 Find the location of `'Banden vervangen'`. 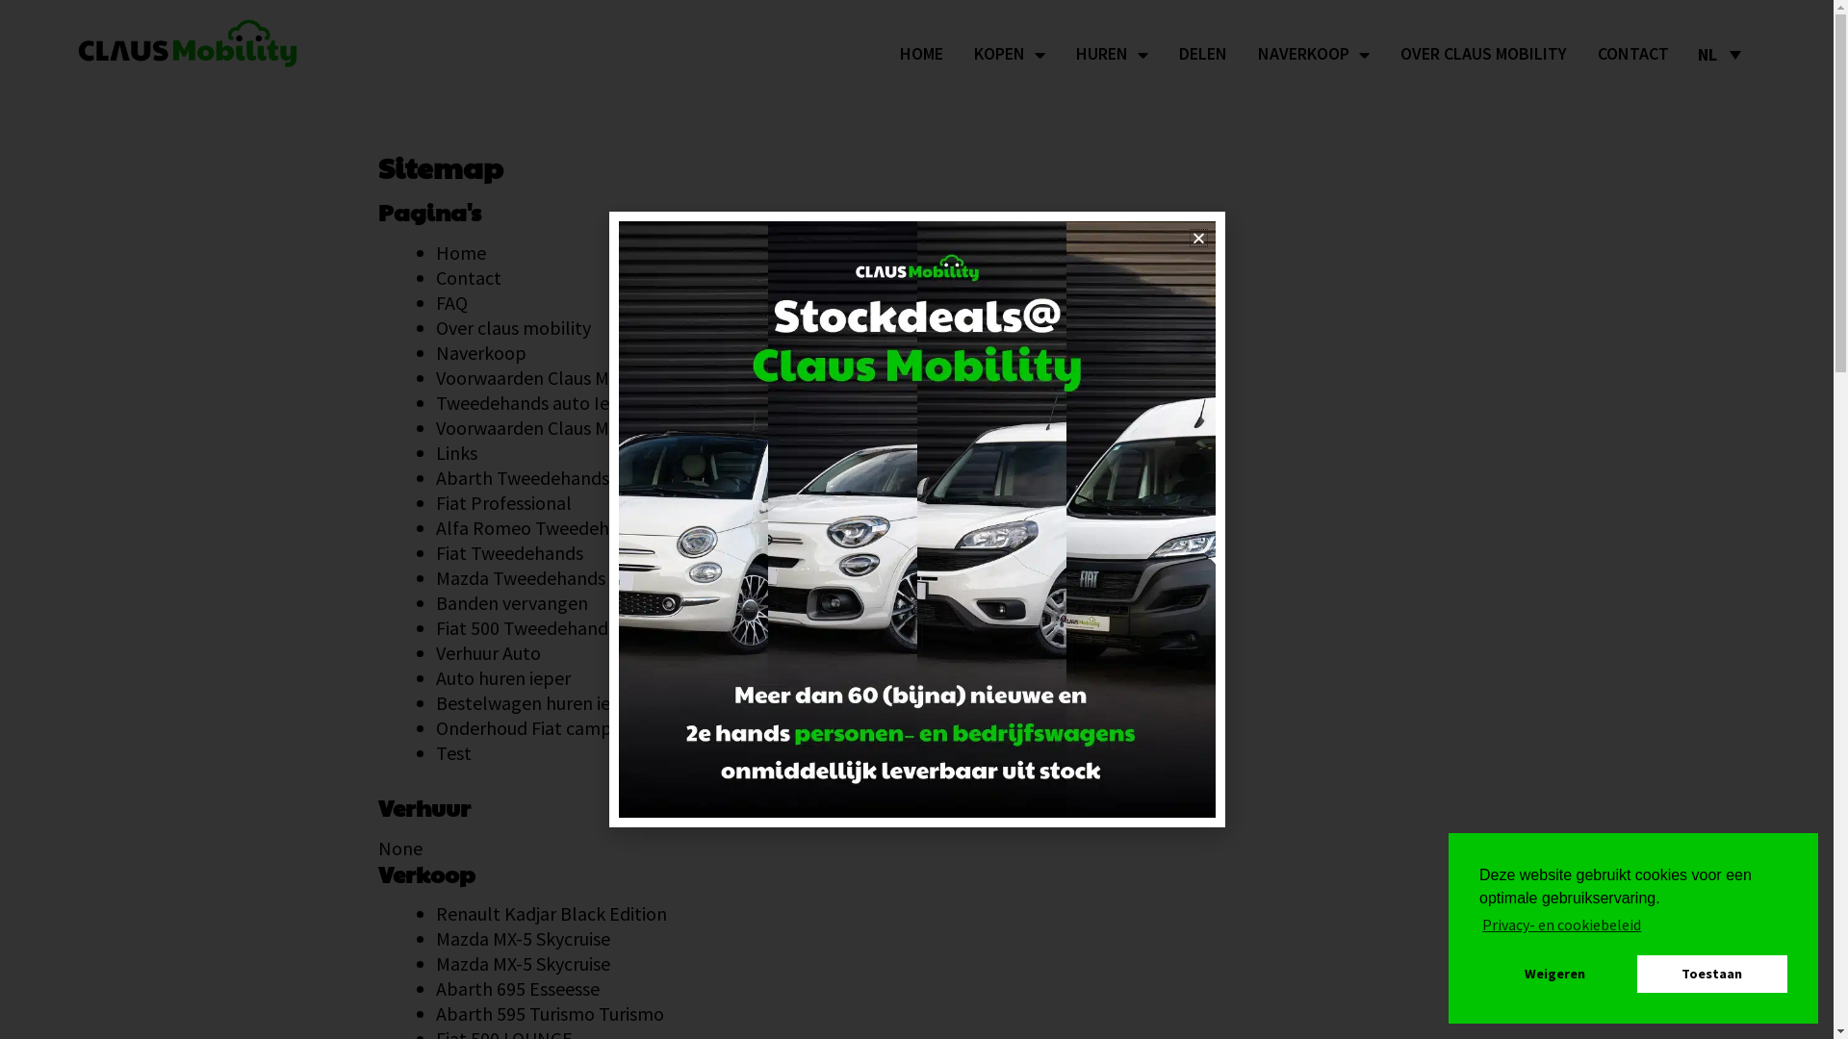

'Banden vervangen' is located at coordinates (511, 601).